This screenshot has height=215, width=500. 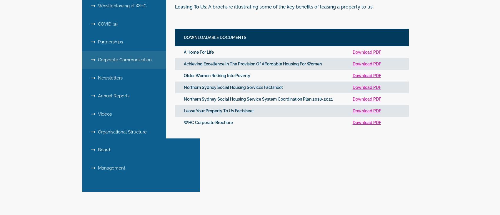 I want to click on 'Annual Reports', so click(x=112, y=95).